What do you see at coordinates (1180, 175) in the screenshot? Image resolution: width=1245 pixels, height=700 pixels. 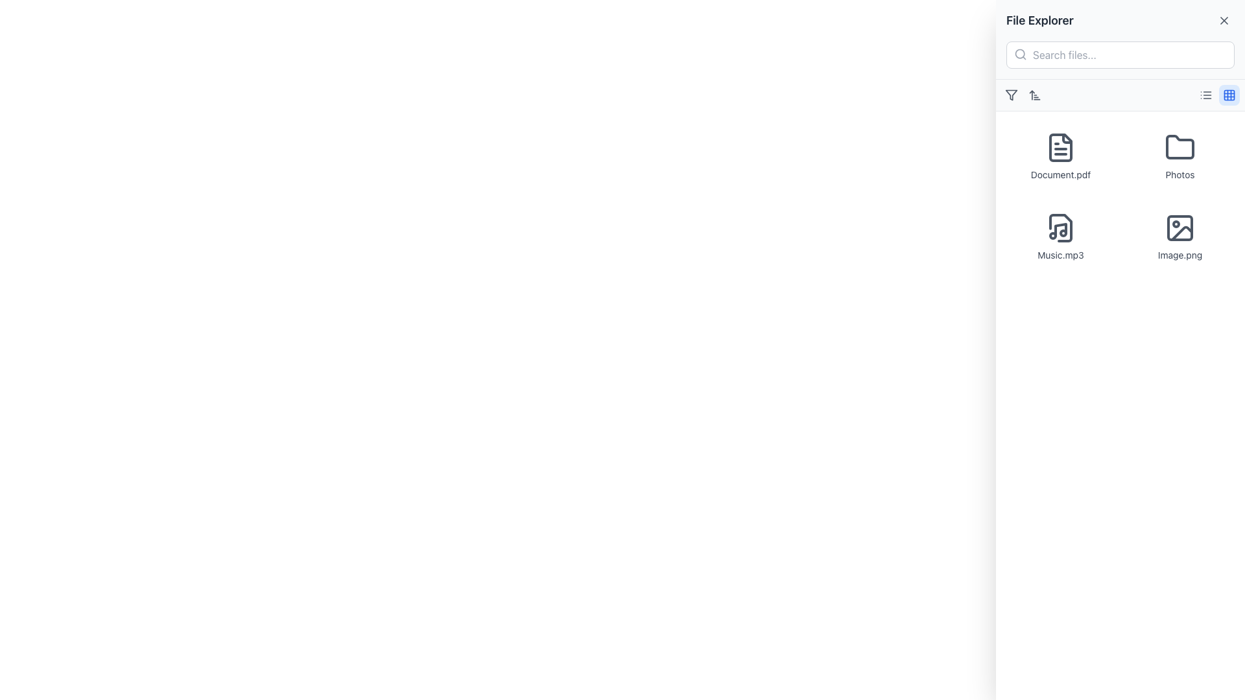 I see `the label for the folder item in the file manager interface, which is located beneath the folder icon in the second column of the first row` at bounding box center [1180, 175].